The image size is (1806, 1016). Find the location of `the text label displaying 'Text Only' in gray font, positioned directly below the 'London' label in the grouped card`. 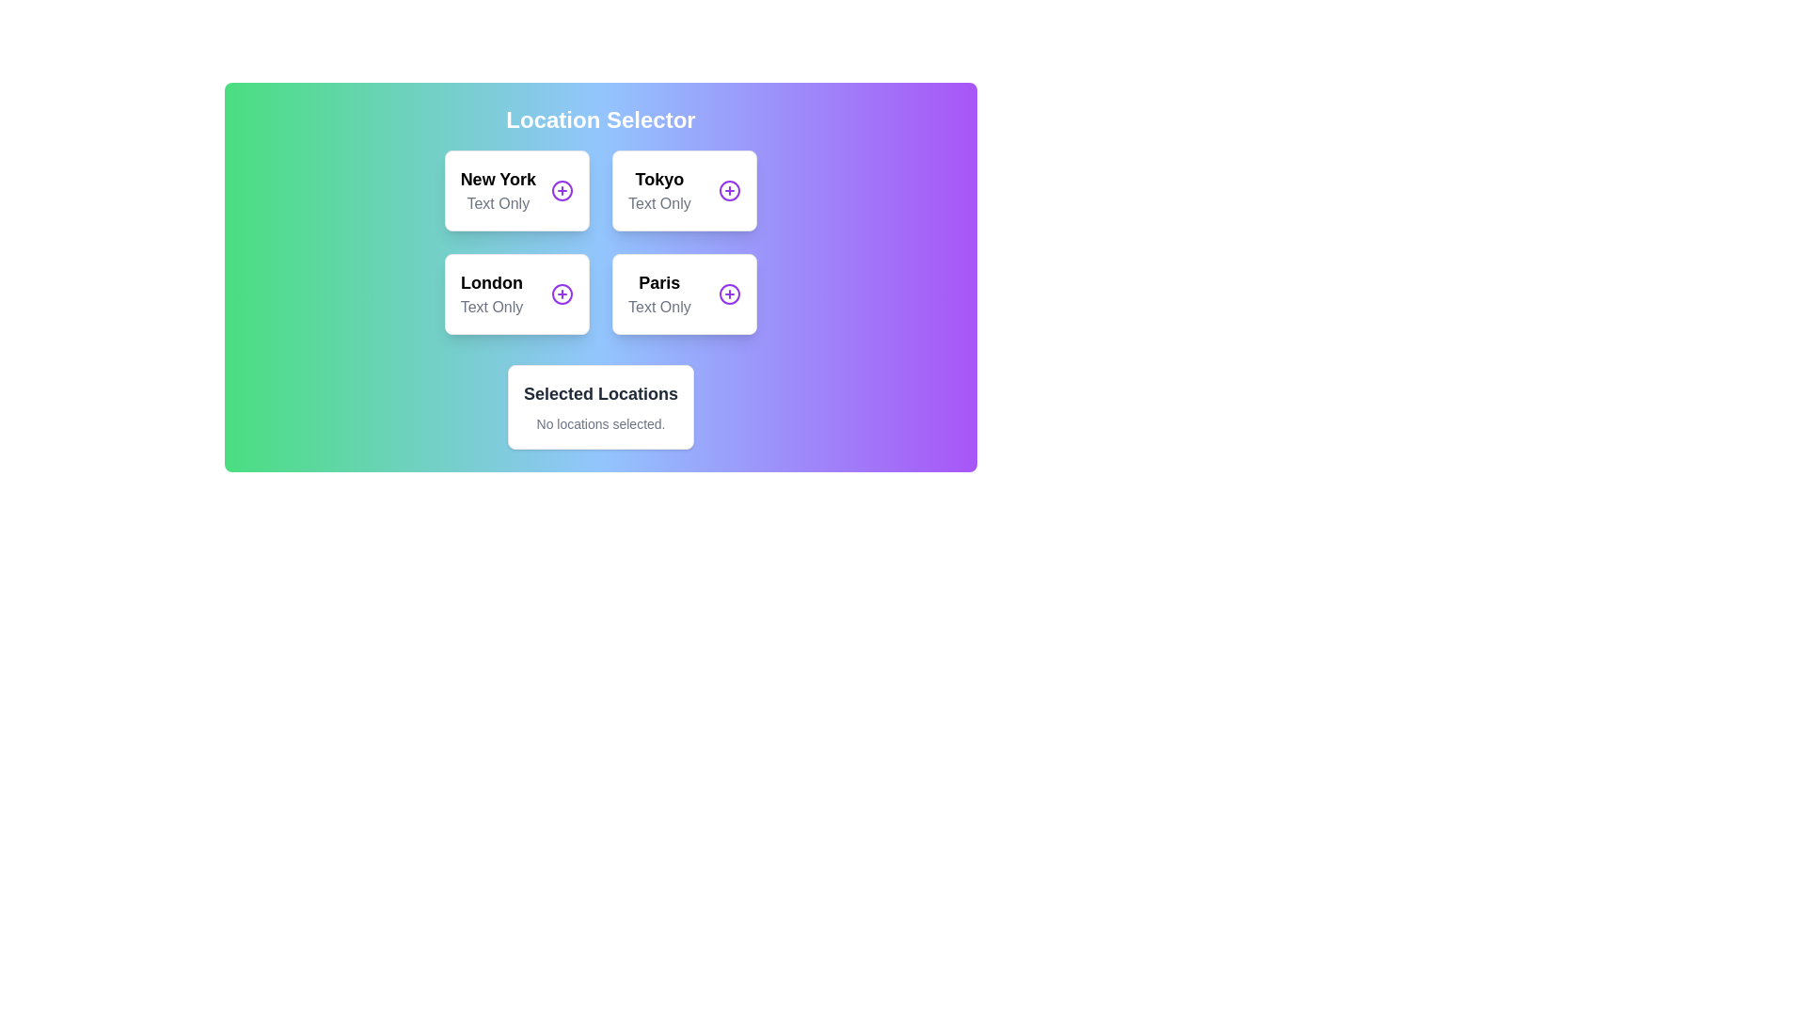

the text label displaying 'Text Only' in gray font, positioned directly below the 'London' label in the grouped card is located at coordinates (492, 307).